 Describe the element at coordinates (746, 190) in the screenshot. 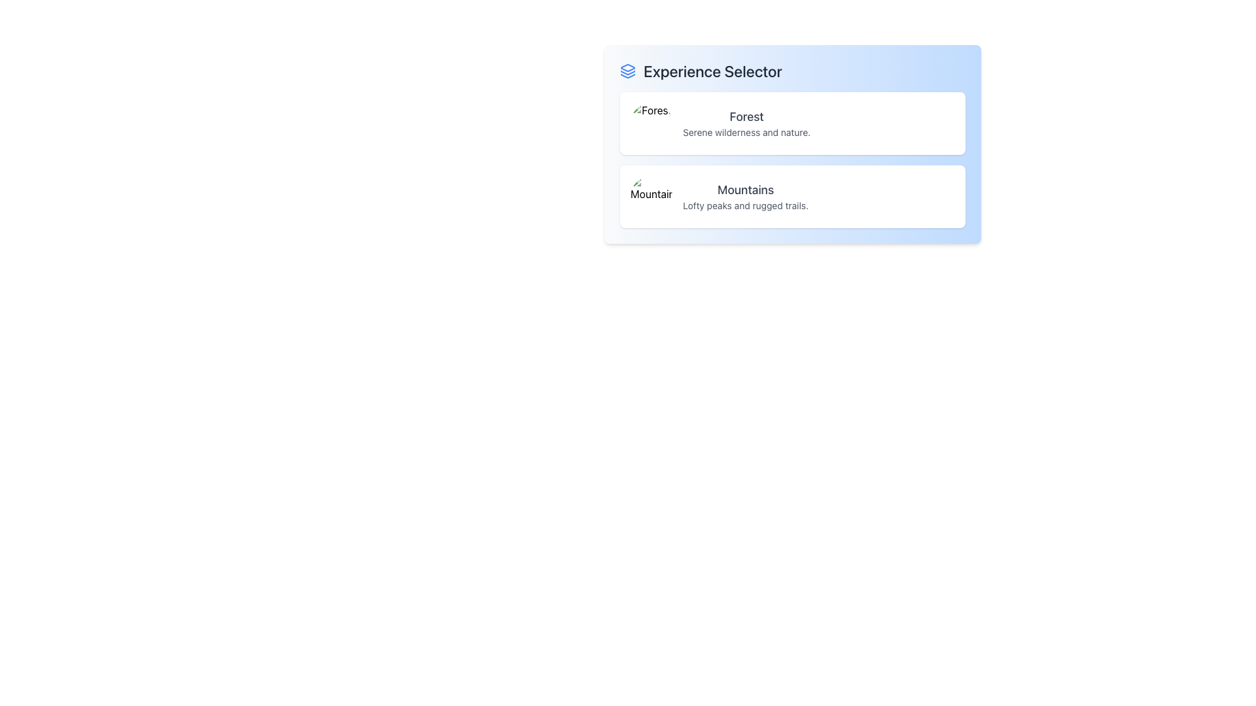

I see `the 'Mountains' text element, which is displayed in gray color with a bold font style and is the main label under the 'Experience Selector' title` at that location.